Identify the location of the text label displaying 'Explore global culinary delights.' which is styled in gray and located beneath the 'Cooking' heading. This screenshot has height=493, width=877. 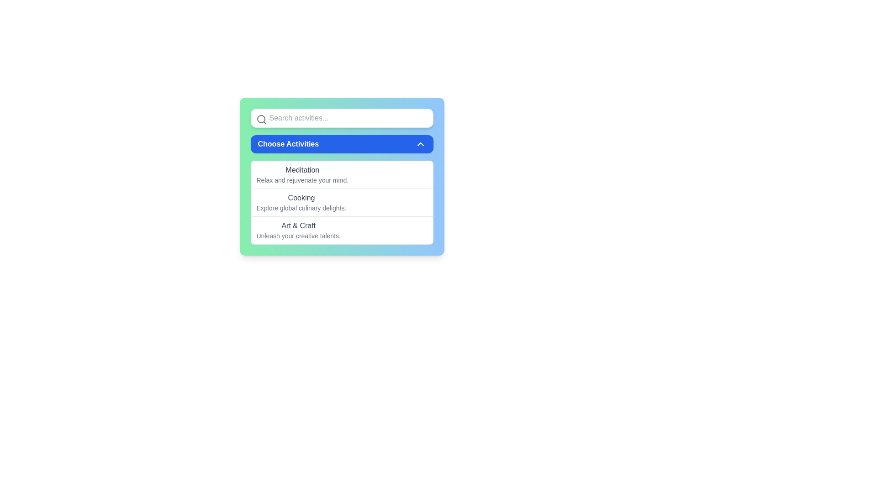
(301, 208).